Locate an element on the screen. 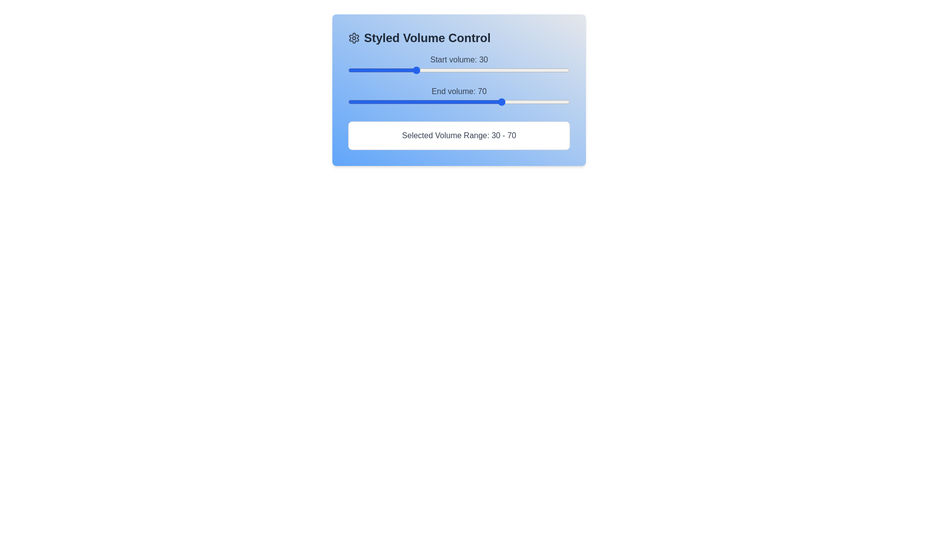  the end volume slider to 20 is located at coordinates (392, 102).